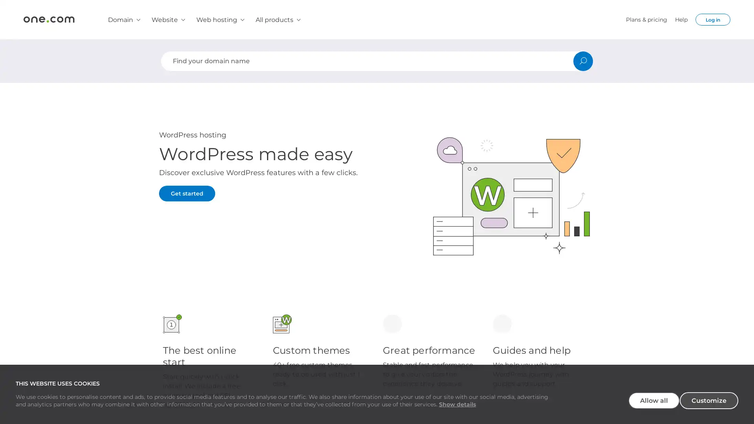  I want to click on Get started, so click(187, 194).